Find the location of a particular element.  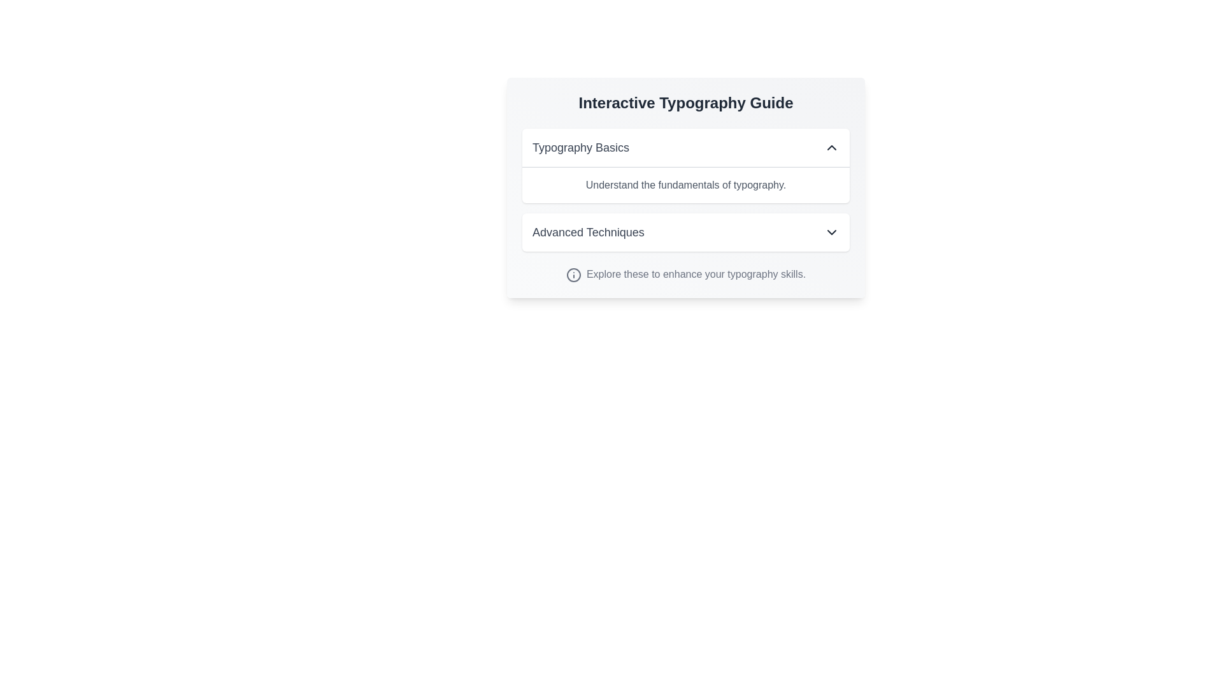

the chevron icon located at the right edge of the 'Advanced Techniques' section is located at coordinates (831, 233).